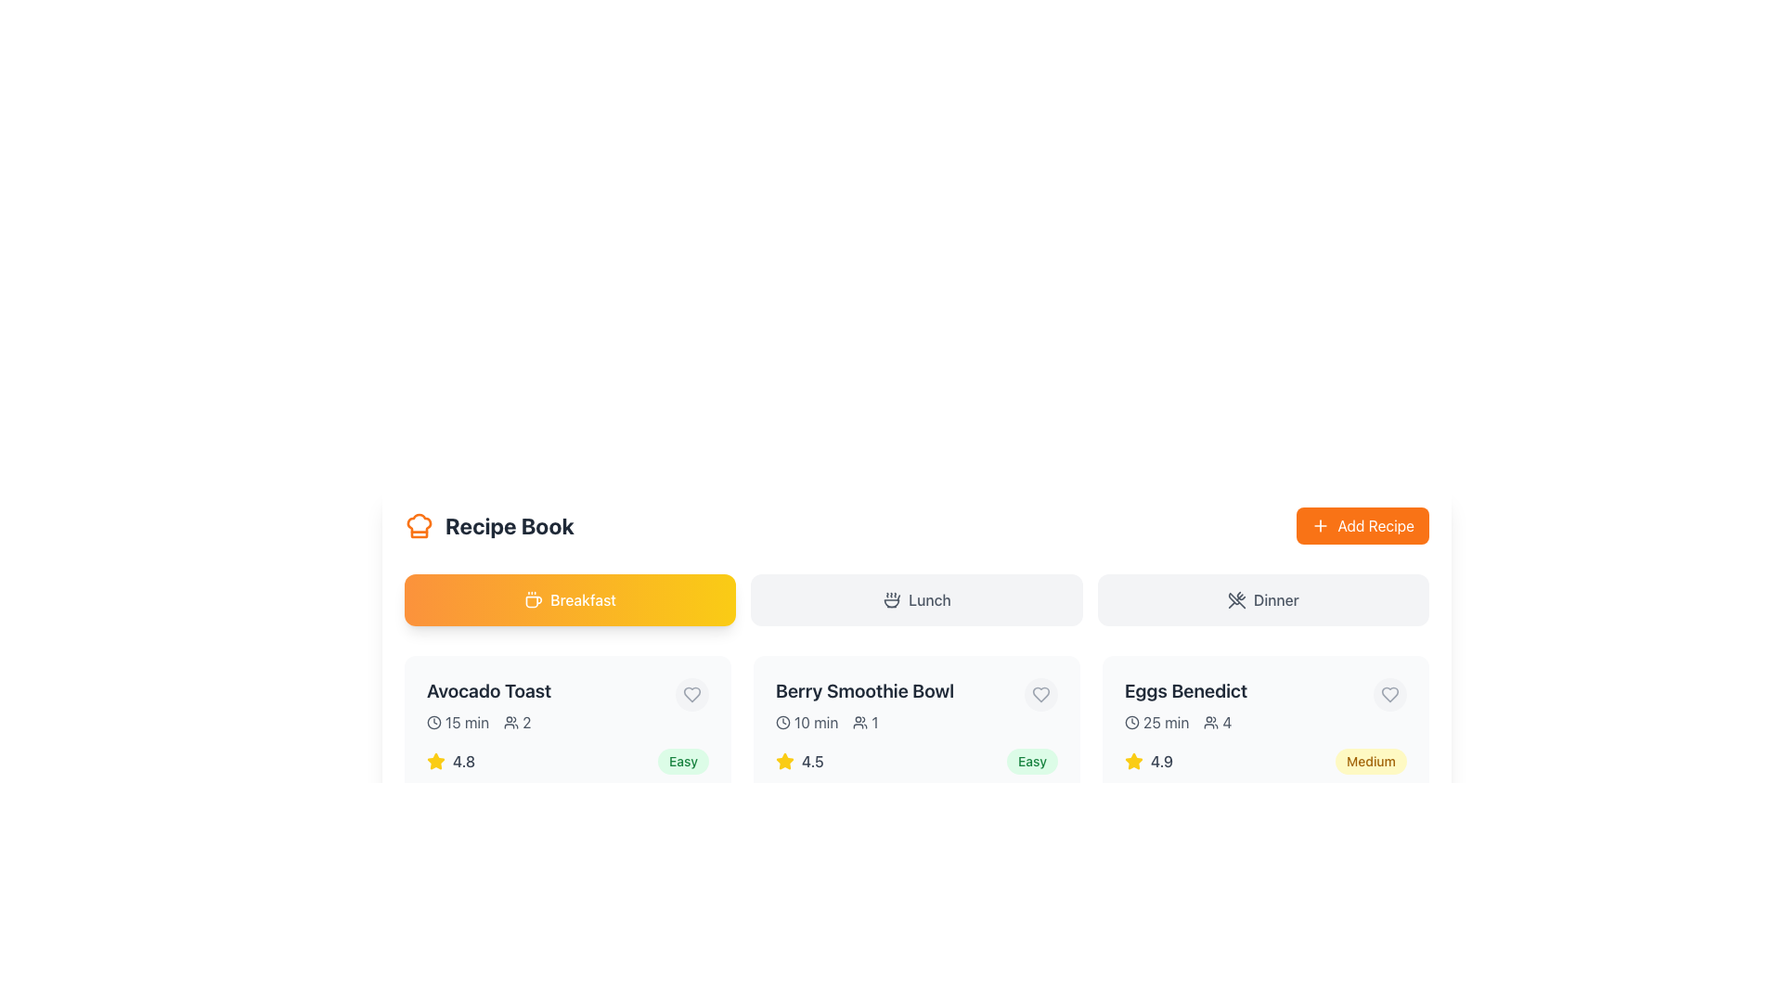 This screenshot has width=1782, height=1002. Describe the element at coordinates (517, 722) in the screenshot. I see `the static text label displaying the number '2' indicating the count of participants, which is located adjacent to the user icon in the Avocado Toast dish card` at that location.